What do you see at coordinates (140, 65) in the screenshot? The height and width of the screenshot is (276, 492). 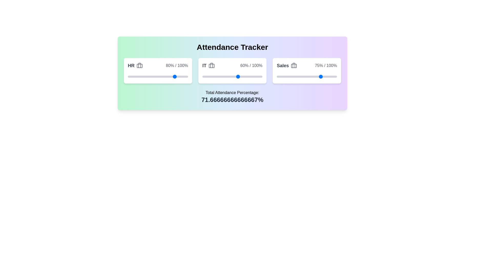 I see `the briefcase icon by clicking on the vertical line that forms the handle, which is positioned next to the 'HR' section` at bounding box center [140, 65].